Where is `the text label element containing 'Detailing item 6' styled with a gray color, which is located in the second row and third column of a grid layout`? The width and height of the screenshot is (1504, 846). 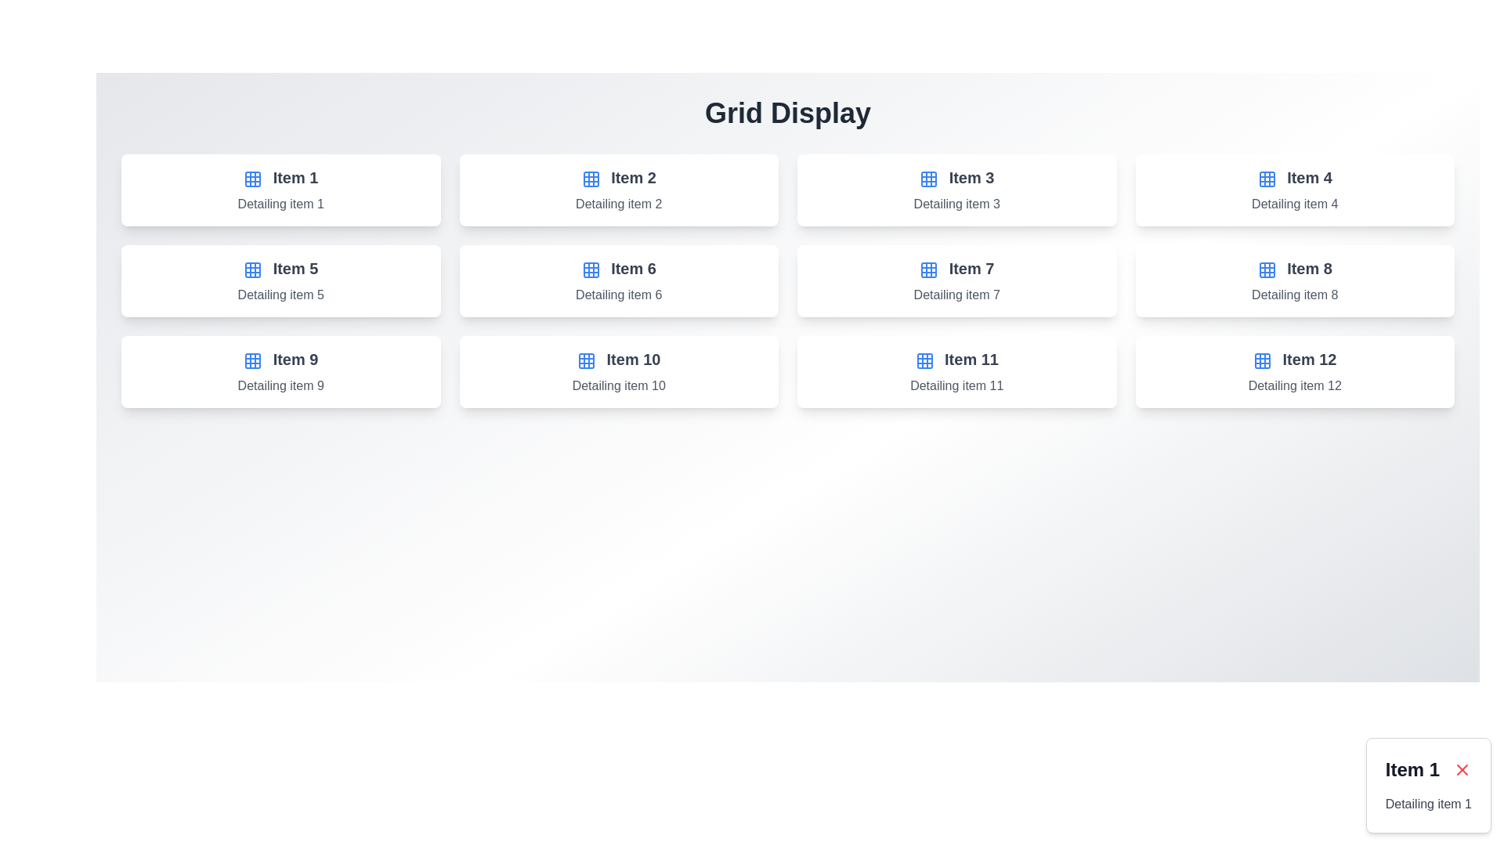
the text label element containing 'Detailing item 6' styled with a gray color, which is located in the second row and third column of a grid layout is located at coordinates (618, 295).